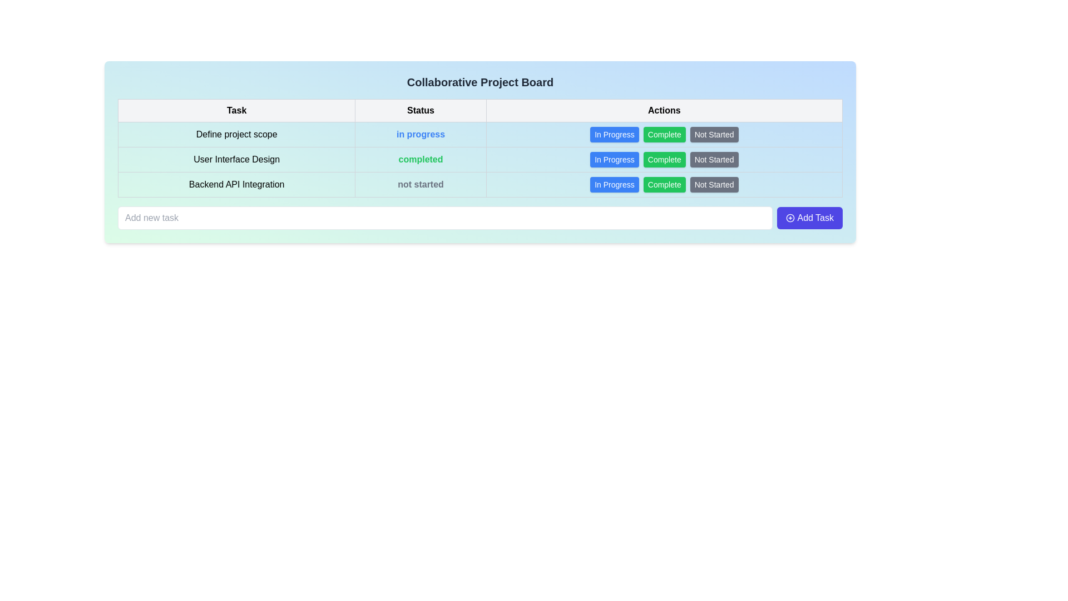 The height and width of the screenshot is (601, 1068). Describe the element at coordinates (236, 134) in the screenshot. I see `text label representing the title of the first task entry in the 'Task' column of the 'Collaborative Project Board'` at that location.